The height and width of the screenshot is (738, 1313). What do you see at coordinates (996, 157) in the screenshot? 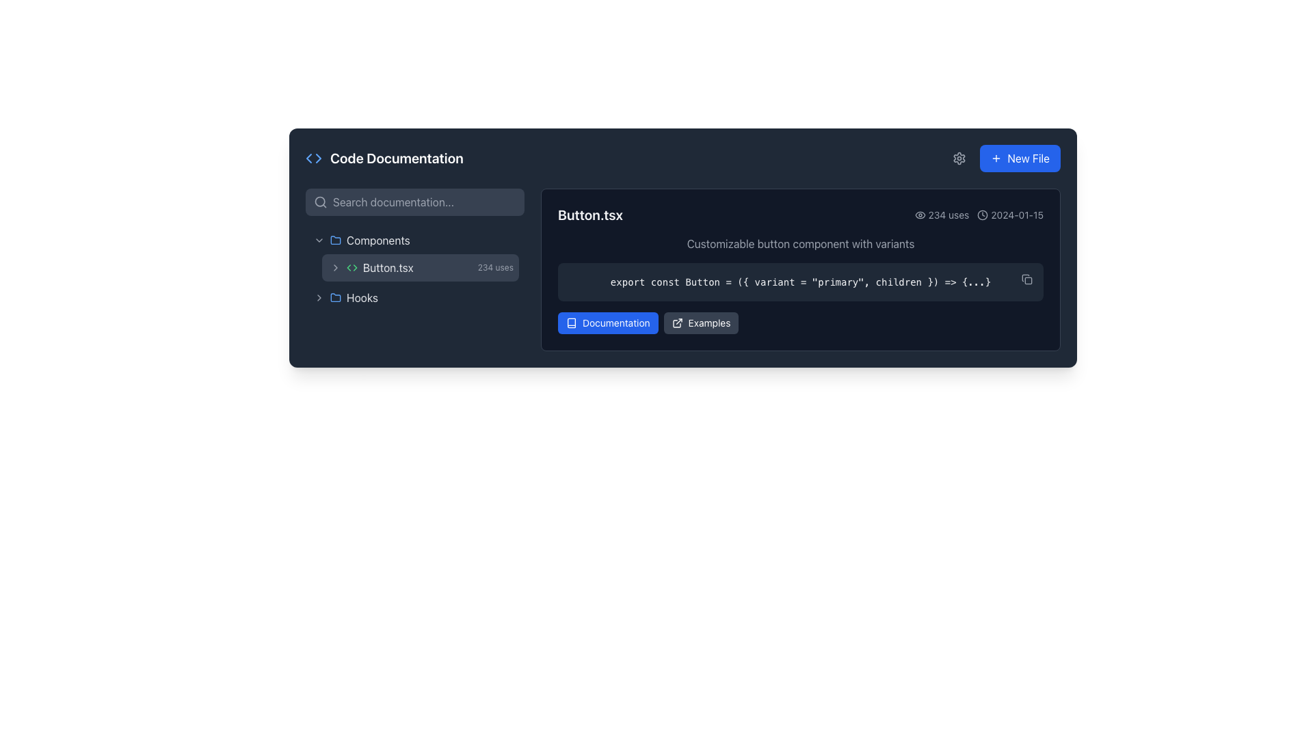
I see `the '+' icon located within the 'New File' button in the top-right corner` at bounding box center [996, 157].